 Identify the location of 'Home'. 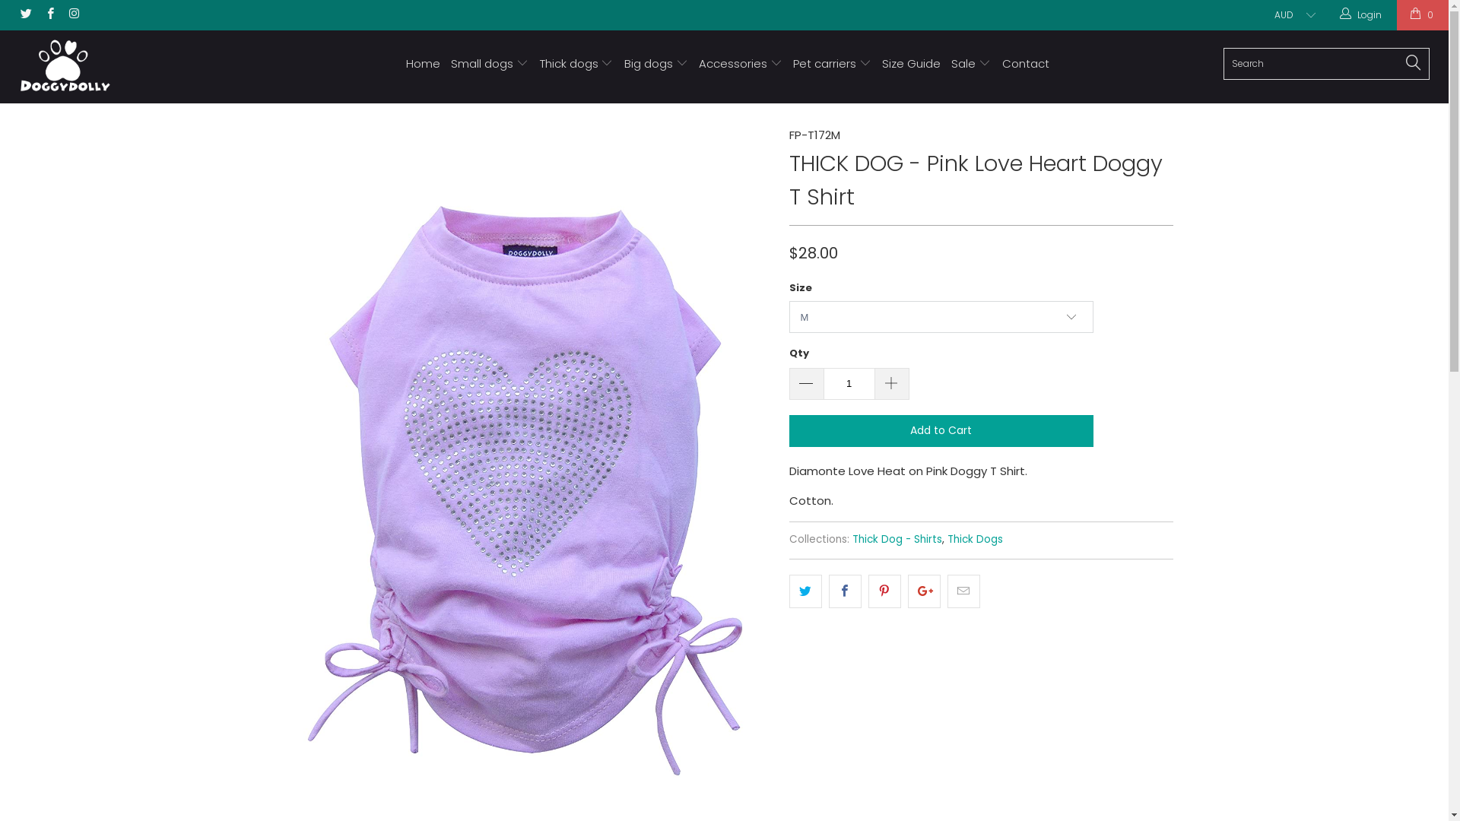
(423, 63).